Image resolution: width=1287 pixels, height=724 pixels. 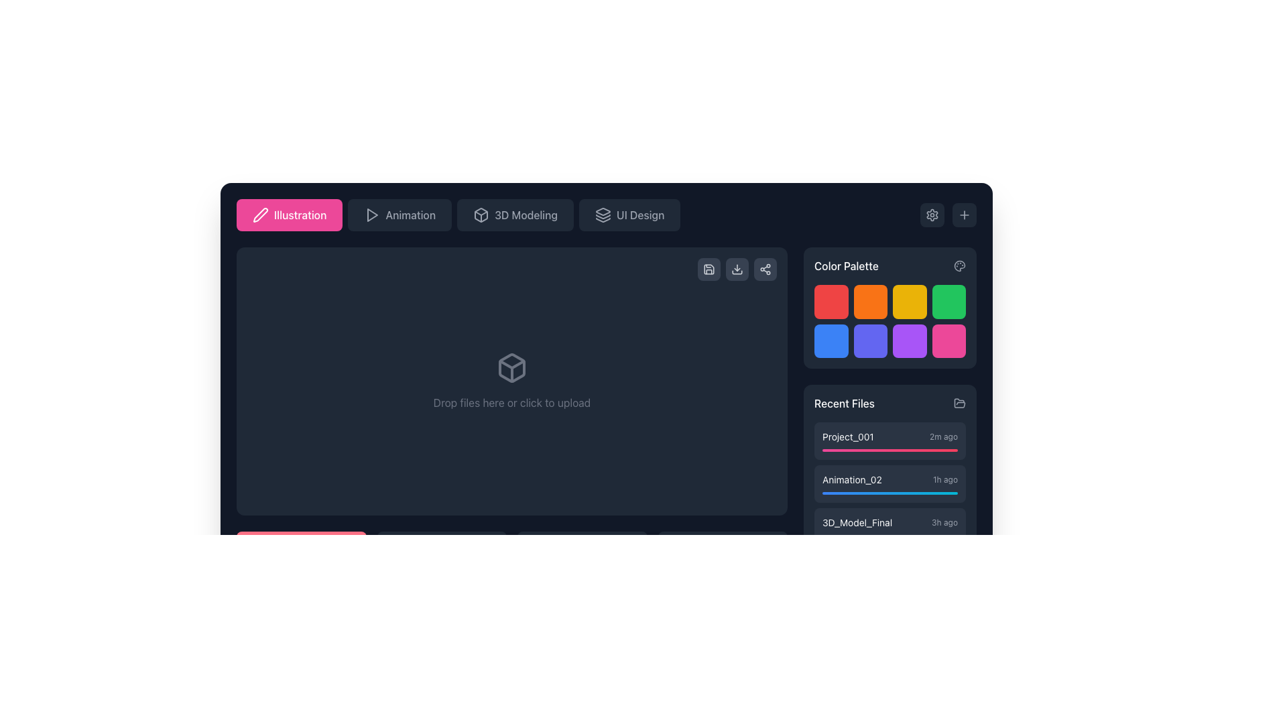 I want to click on the static text label displaying 'Animation_02' which is styled in a clean, sans-serif typeface and positioned against a dark background in the 'Recent Files' section, so click(x=851, y=479).